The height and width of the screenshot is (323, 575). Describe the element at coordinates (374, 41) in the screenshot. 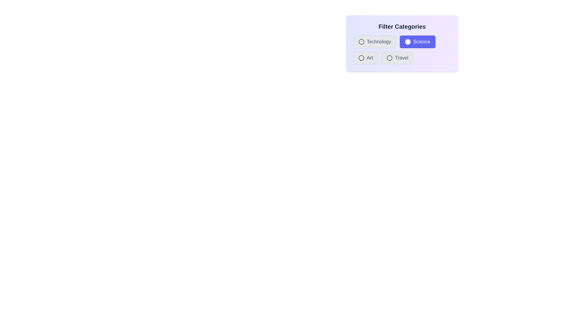

I see `the category Technology by clicking its corresponding button` at that location.